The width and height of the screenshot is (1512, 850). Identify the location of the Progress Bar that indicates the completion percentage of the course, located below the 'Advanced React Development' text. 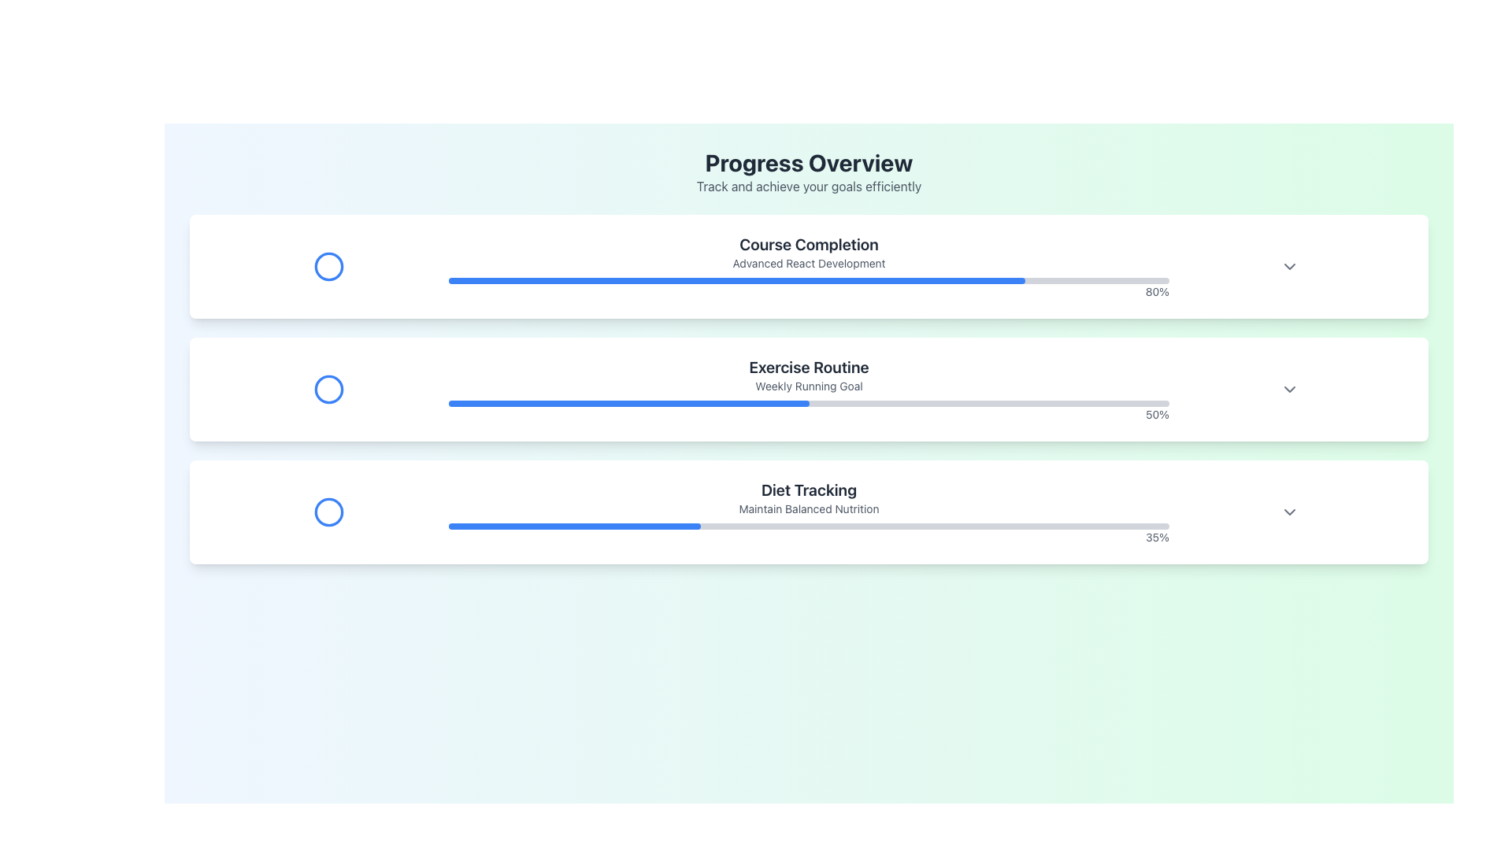
(809, 288).